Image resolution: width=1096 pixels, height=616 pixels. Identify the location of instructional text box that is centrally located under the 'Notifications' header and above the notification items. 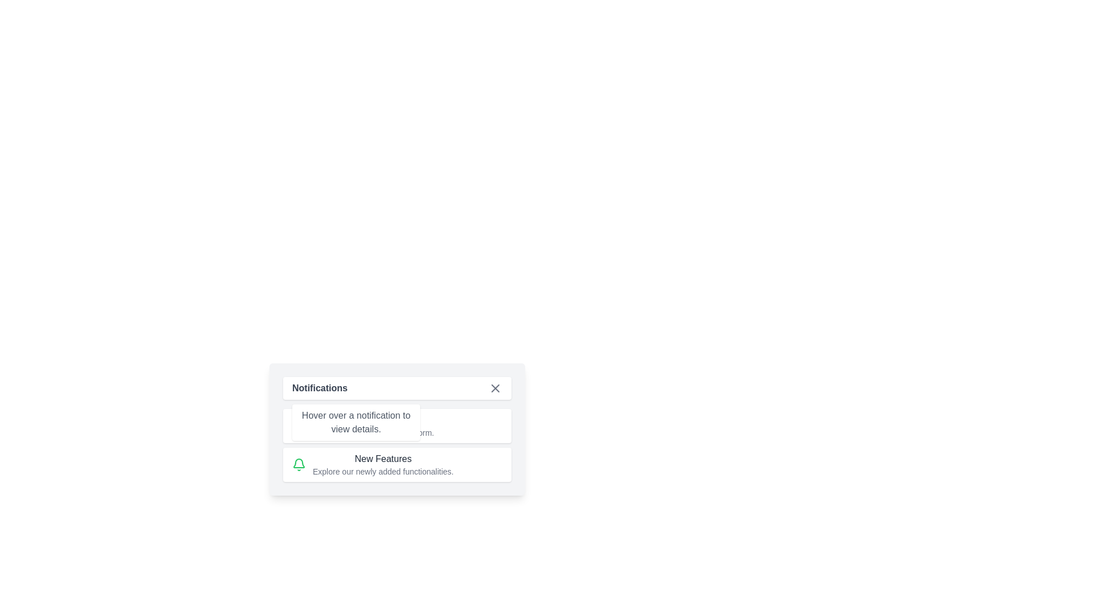
(356, 422).